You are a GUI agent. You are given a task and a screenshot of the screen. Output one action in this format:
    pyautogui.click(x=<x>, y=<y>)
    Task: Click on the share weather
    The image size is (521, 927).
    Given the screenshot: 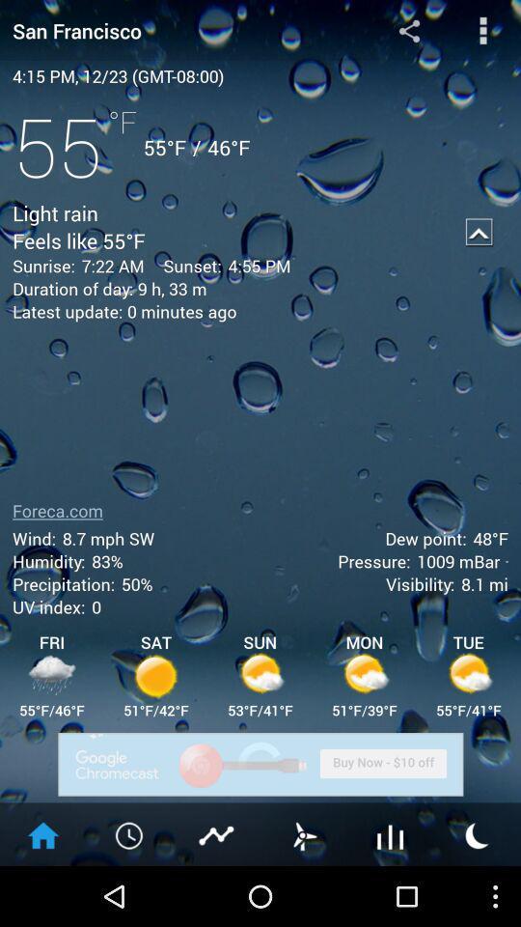 What is the action you would take?
    pyautogui.click(x=408, y=29)
    